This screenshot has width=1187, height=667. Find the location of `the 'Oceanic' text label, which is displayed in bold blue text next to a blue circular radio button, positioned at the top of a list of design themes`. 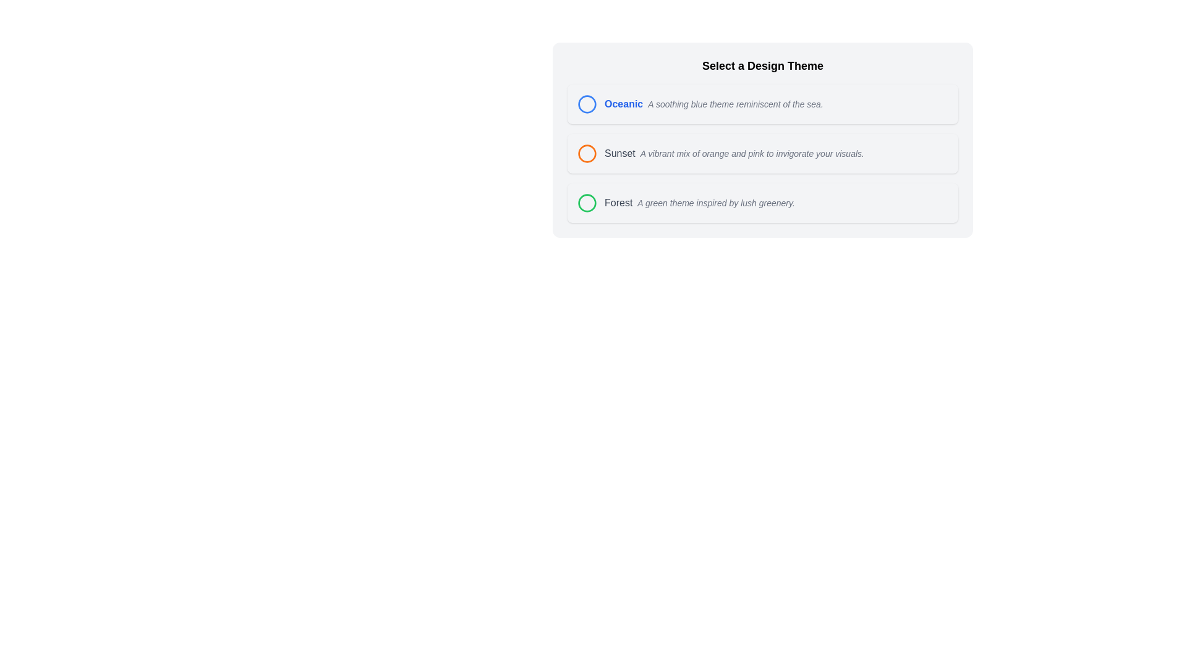

the 'Oceanic' text label, which is displayed in bold blue text next to a blue circular radio button, positioned at the top of a list of design themes is located at coordinates (624, 104).